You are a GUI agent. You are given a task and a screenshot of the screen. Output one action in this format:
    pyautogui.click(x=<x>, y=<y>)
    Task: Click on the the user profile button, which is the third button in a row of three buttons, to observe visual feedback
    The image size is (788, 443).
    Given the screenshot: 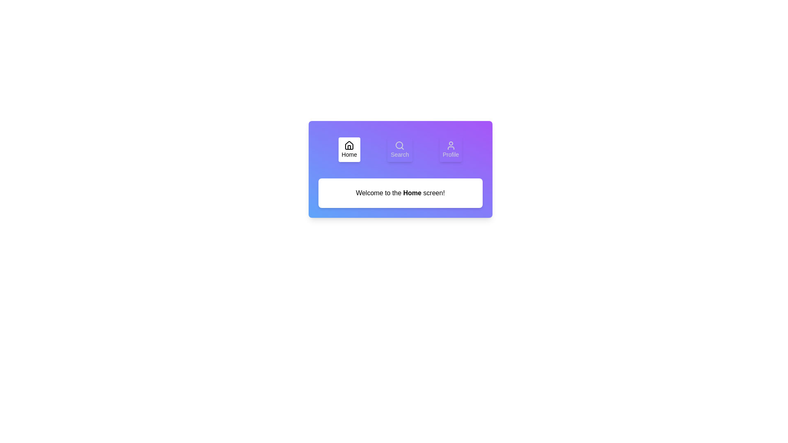 What is the action you would take?
    pyautogui.click(x=450, y=150)
    